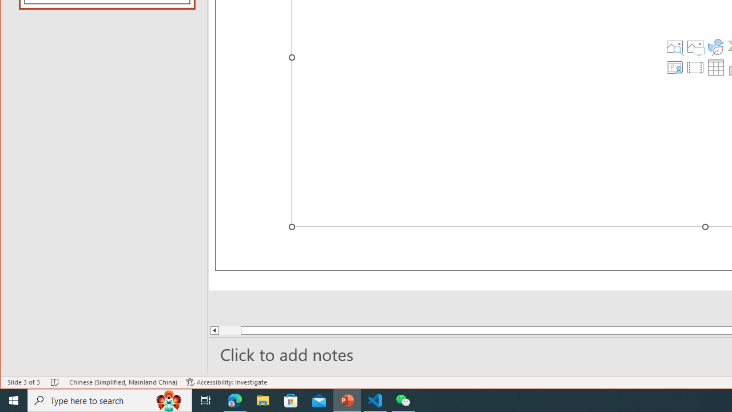 The height and width of the screenshot is (412, 732). What do you see at coordinates (695, 46) in the screenshot?
I see `'Pictures'` at bounding box center [695, 46].